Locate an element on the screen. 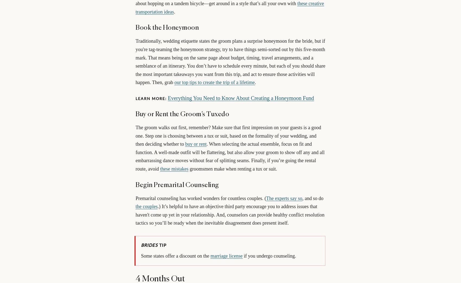 This screenshot has height=283, width=461. 'marriage license' is located at coordinates (226, 255).